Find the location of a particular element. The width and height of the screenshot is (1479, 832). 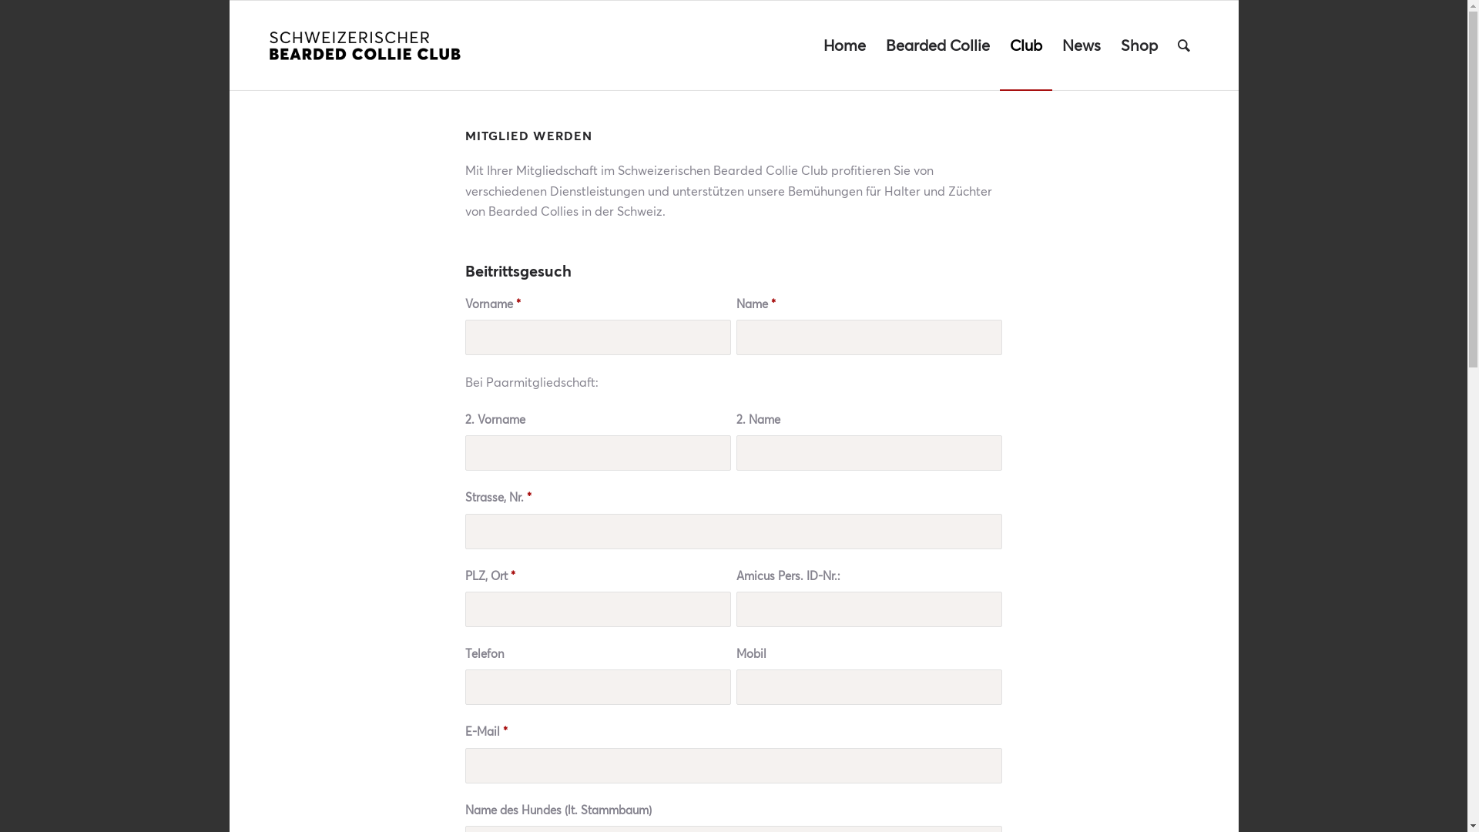

'SBCC-Logotype_RGB_rectangle_black_340x156' is located at coordinates (267, 44).